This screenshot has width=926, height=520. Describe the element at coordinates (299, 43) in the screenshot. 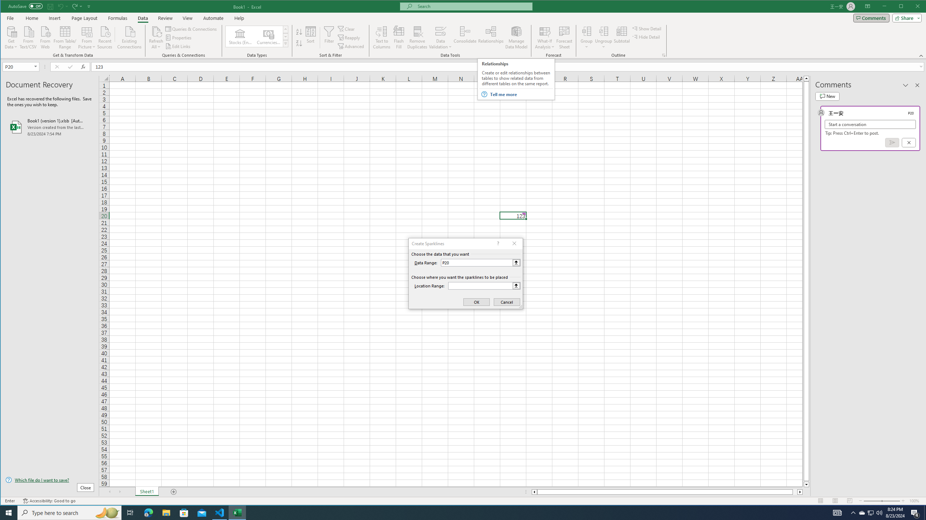

I see `'Sort Largest to Smallest'` at that location.